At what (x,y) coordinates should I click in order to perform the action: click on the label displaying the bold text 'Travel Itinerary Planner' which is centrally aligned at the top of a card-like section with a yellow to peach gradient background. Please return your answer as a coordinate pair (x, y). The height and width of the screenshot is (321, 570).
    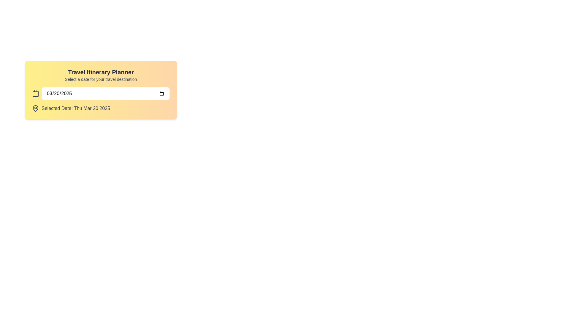
    Looking at the image, I should click on (101, 72).